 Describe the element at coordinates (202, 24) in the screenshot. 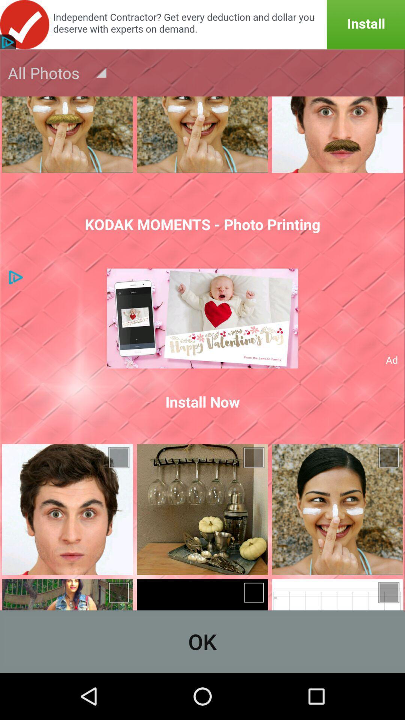

I see `the item above the all photos icon` at that location.